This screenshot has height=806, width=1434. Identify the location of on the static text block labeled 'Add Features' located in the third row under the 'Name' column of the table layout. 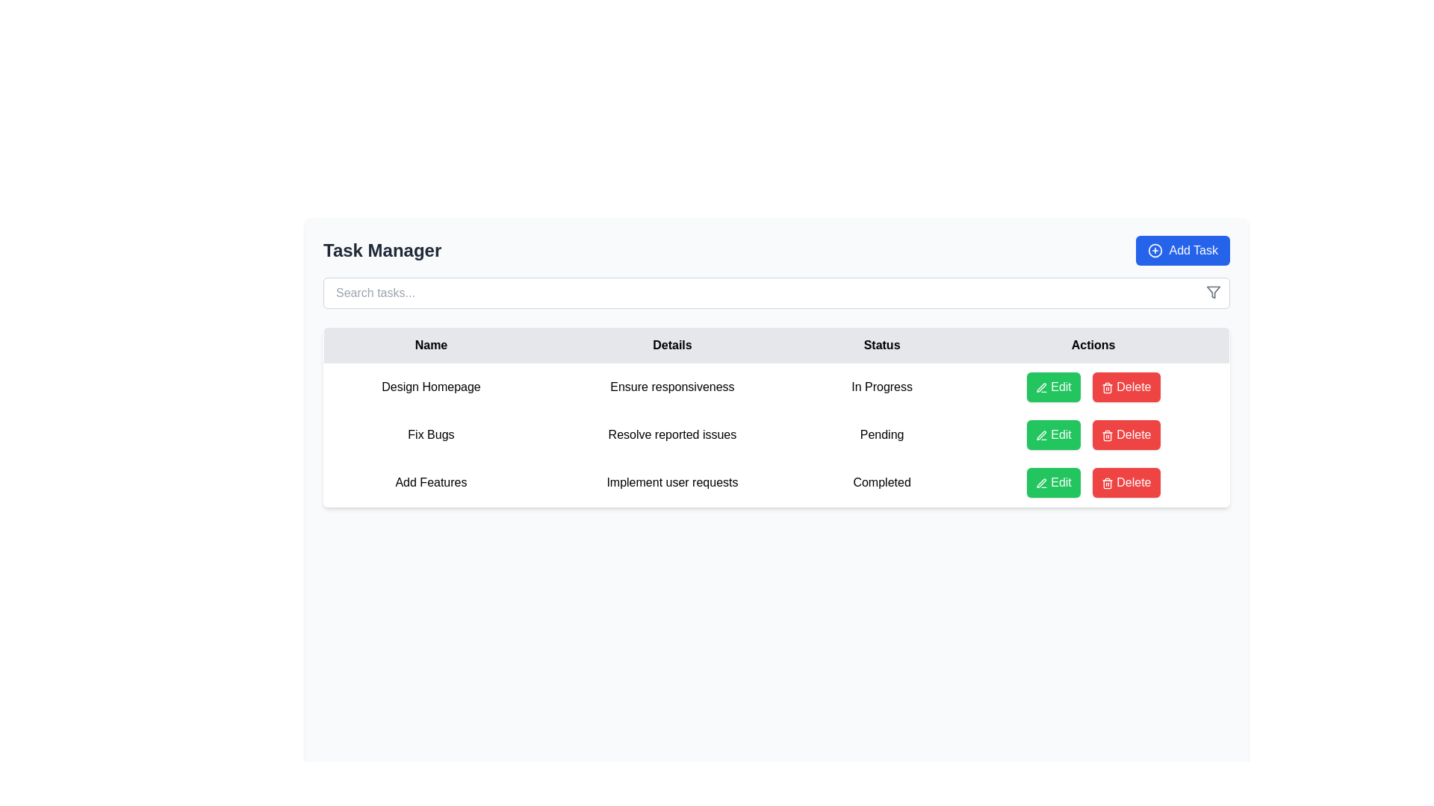
(429, 483).